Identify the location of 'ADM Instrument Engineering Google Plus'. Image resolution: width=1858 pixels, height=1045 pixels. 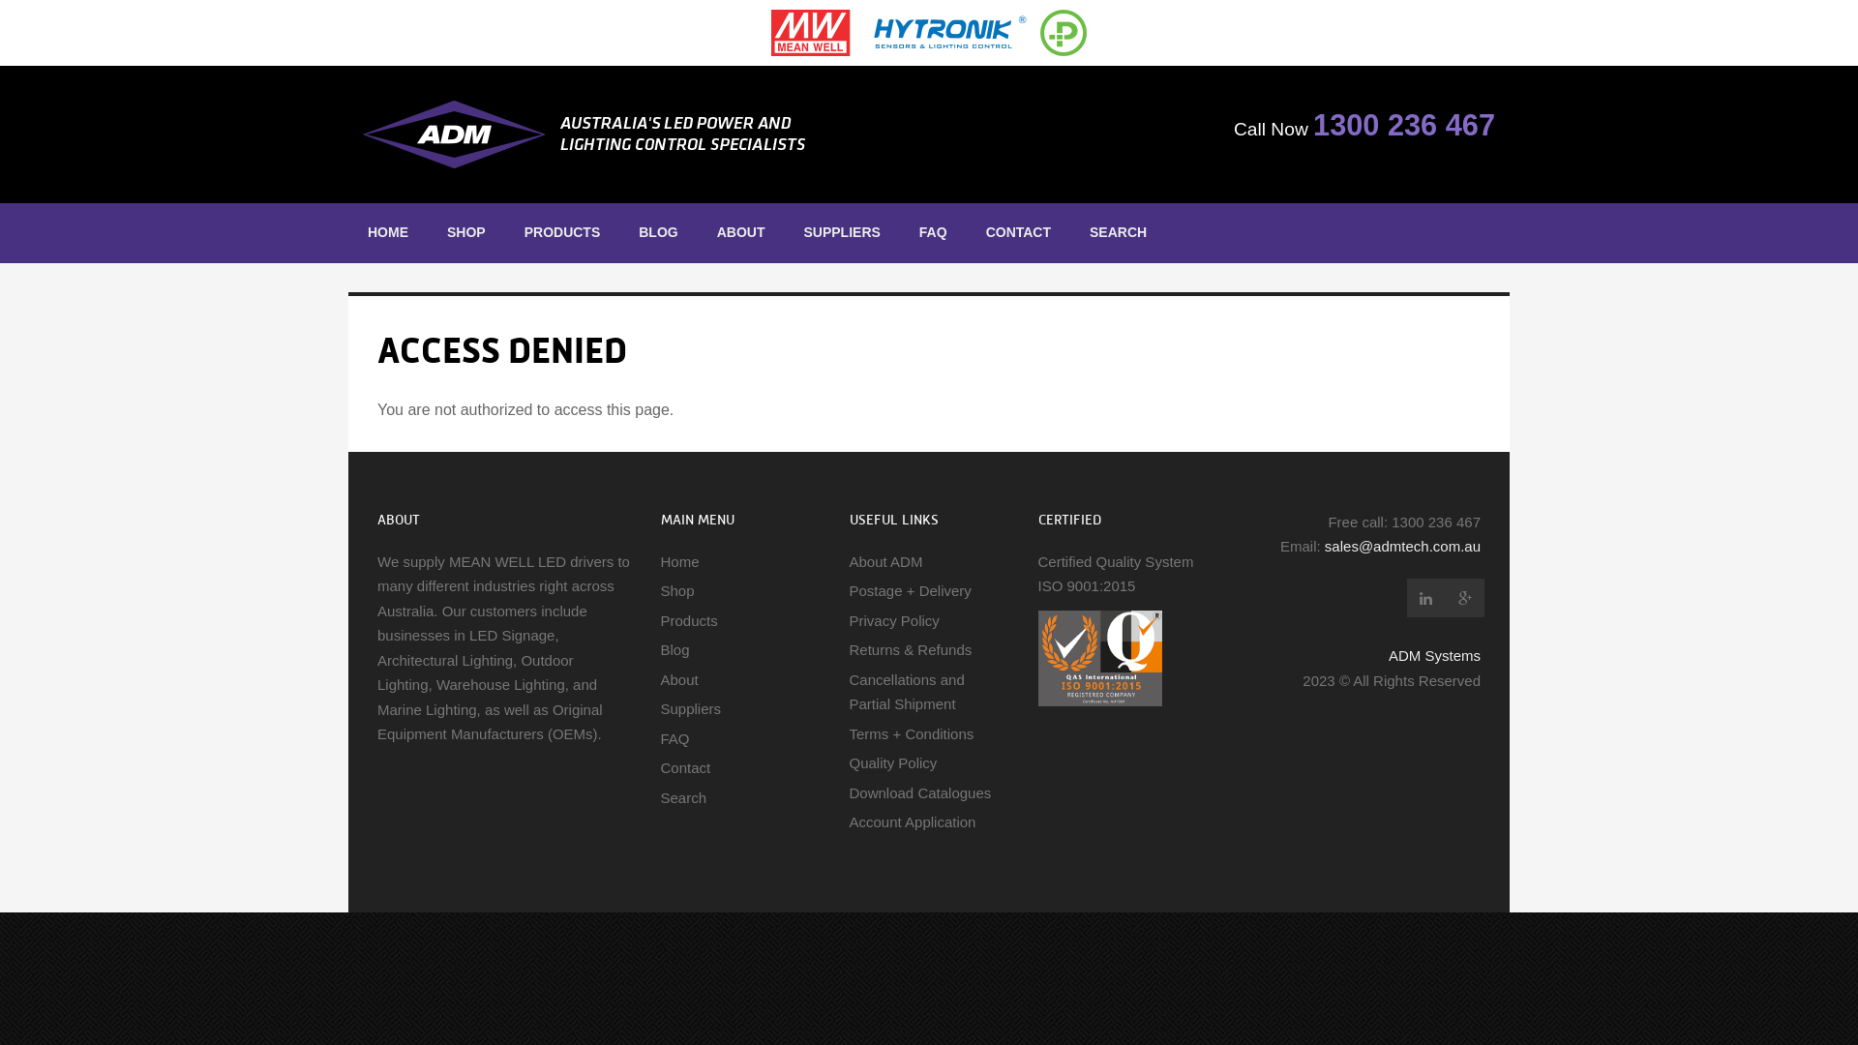
(1445, 596).